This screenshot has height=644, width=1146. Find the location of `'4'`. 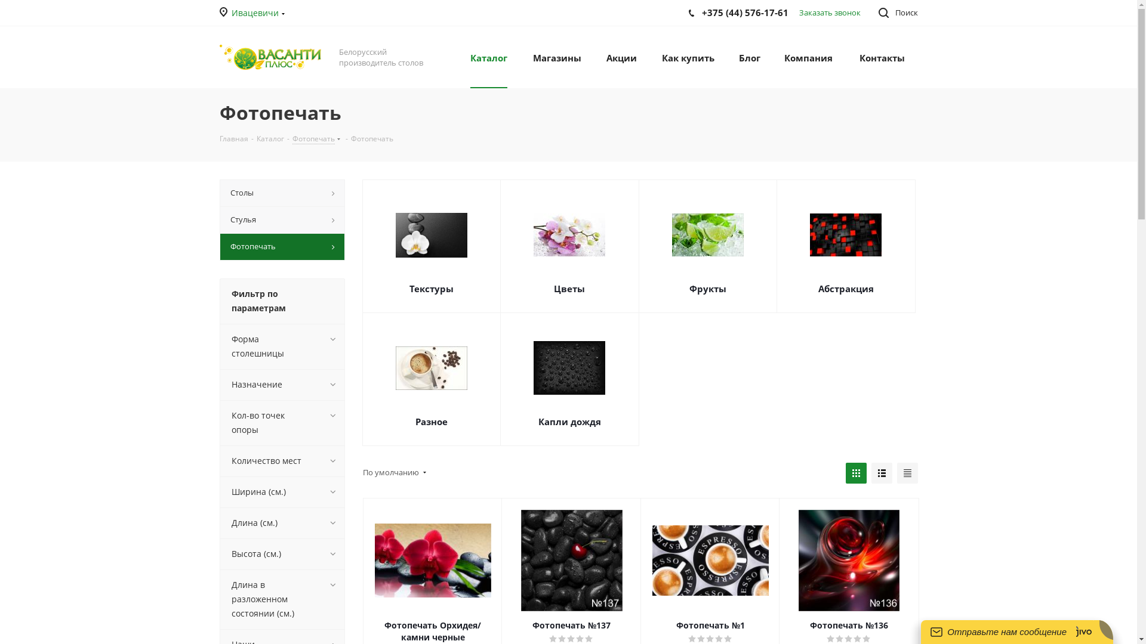

'4' is located at coordinates (580, 639).